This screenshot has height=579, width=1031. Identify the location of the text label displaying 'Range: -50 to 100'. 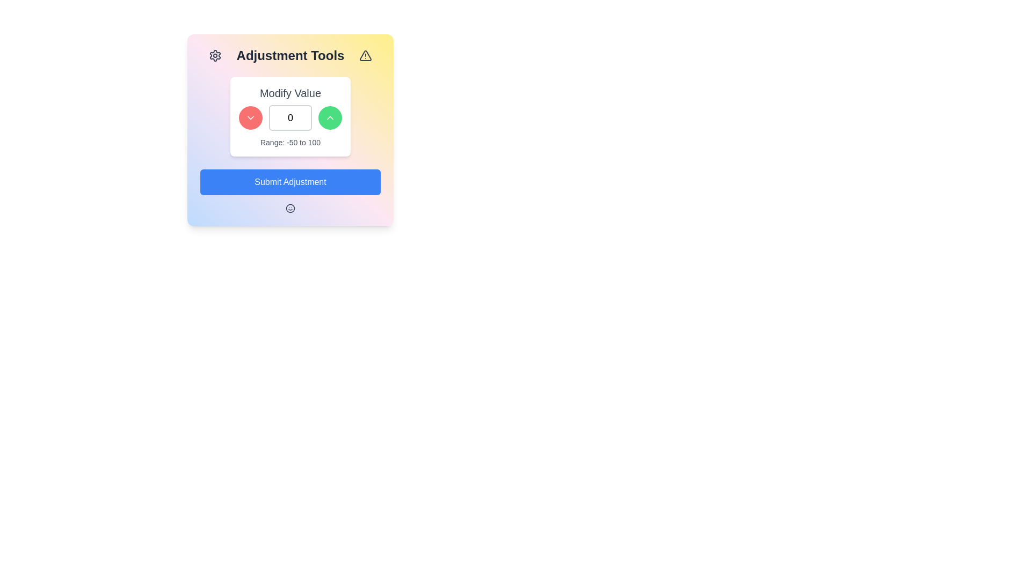
(291, 142).